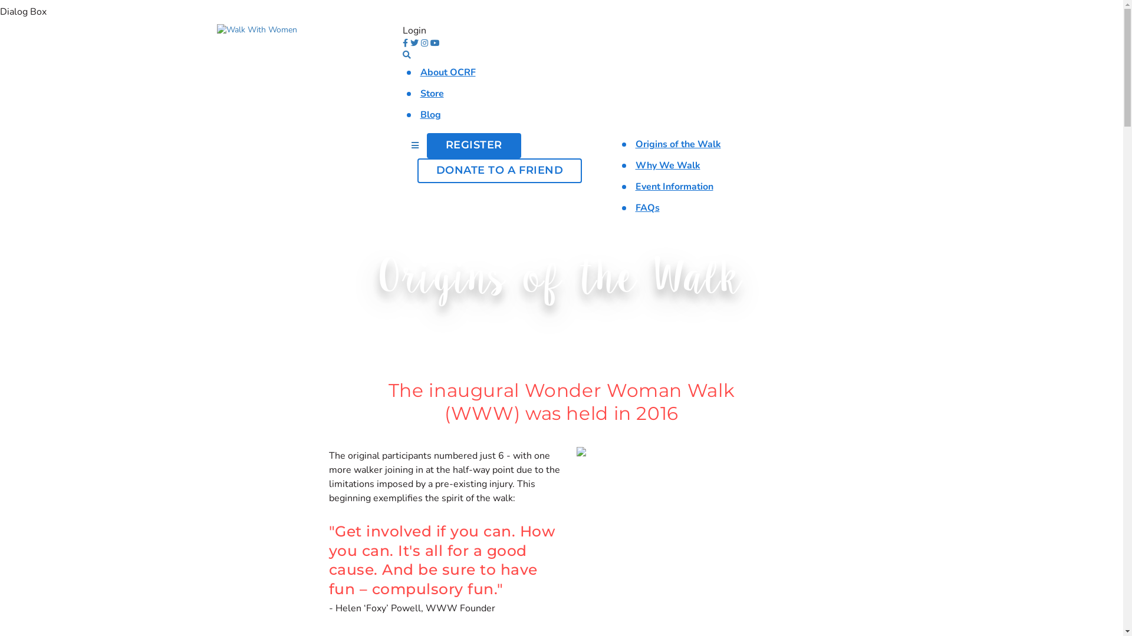  What do you see at coordinates (647, 207) in the screenshot?
I see `'FAQs'` at bounding box center [647, 207].